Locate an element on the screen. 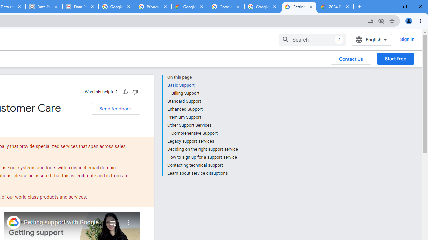  'Premium Support' is located at coordinates (202, 117).